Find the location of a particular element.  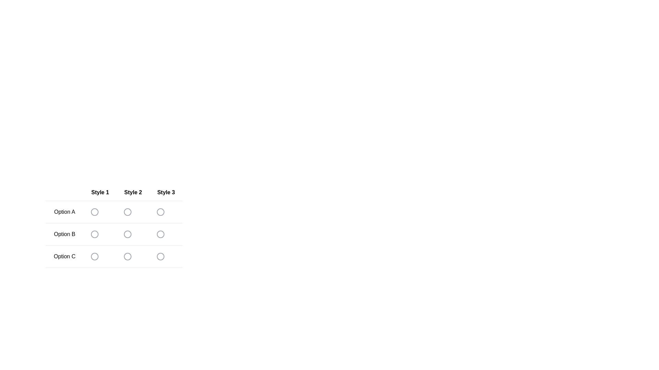

the radio button indicator for 'Option C' in the third row and third column of the grid to indicate focus is located at coordinates (160, 256).